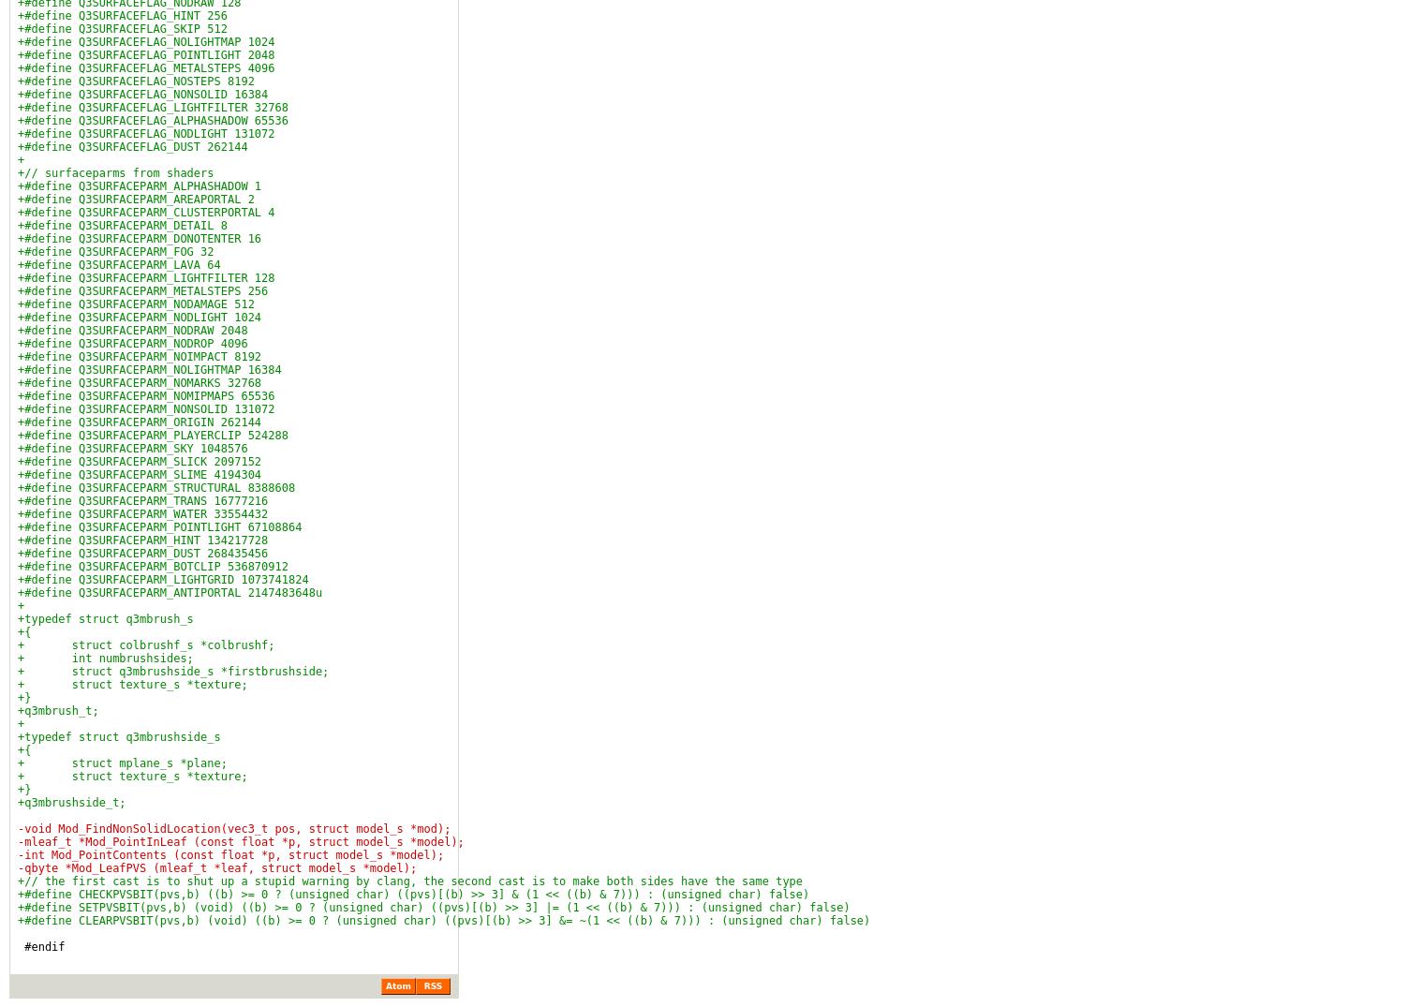 The width and height of the screenshot is (1405, 1007). What do you see at coordinates (132, 344) in the screenshot?
I see `'+#define Q3SURFACEPARM_NODROP 4096'` at bounding box center [132, 344].